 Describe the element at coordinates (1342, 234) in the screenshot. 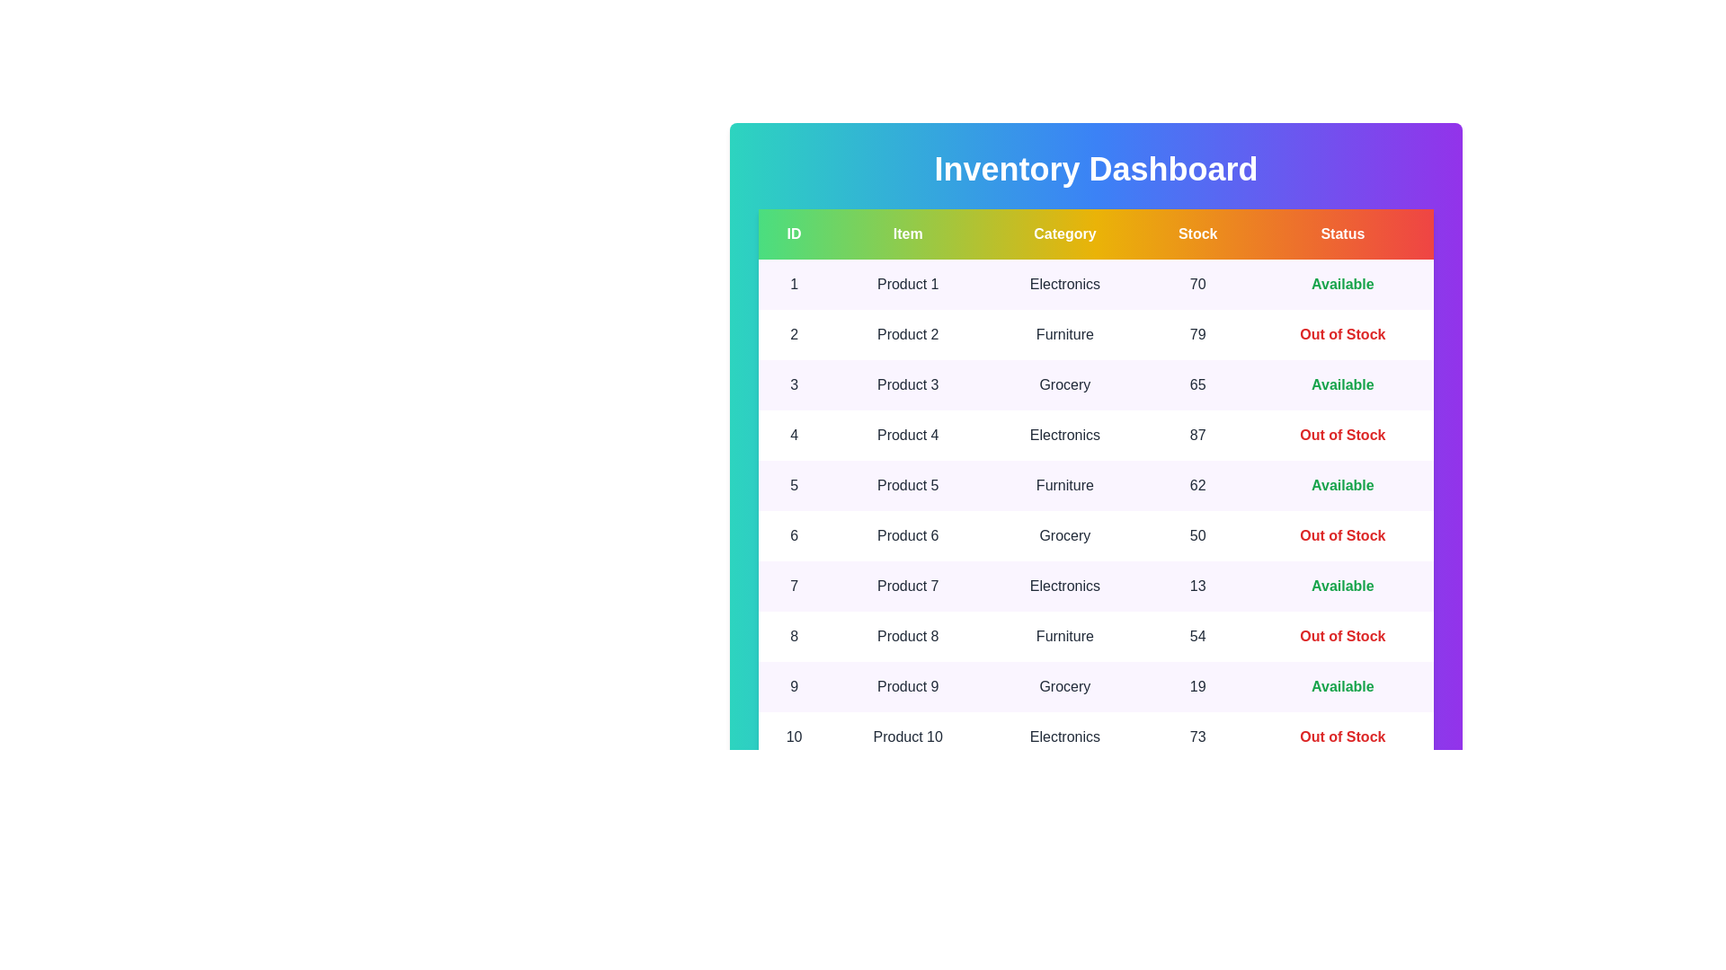

I see `the table header Status to sort the table by that column` at that location.